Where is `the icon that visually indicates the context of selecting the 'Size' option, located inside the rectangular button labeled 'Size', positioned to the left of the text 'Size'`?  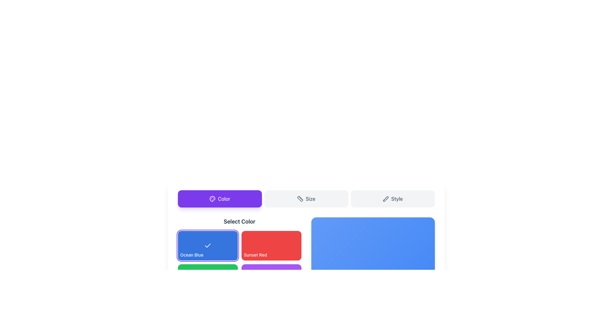 the icon that visually indicates the context of selecting the 'Size' option, located inside the rectangular button labeled 'Size', positioned to the left of the text 'Size' is located at coordinates (300, 199).